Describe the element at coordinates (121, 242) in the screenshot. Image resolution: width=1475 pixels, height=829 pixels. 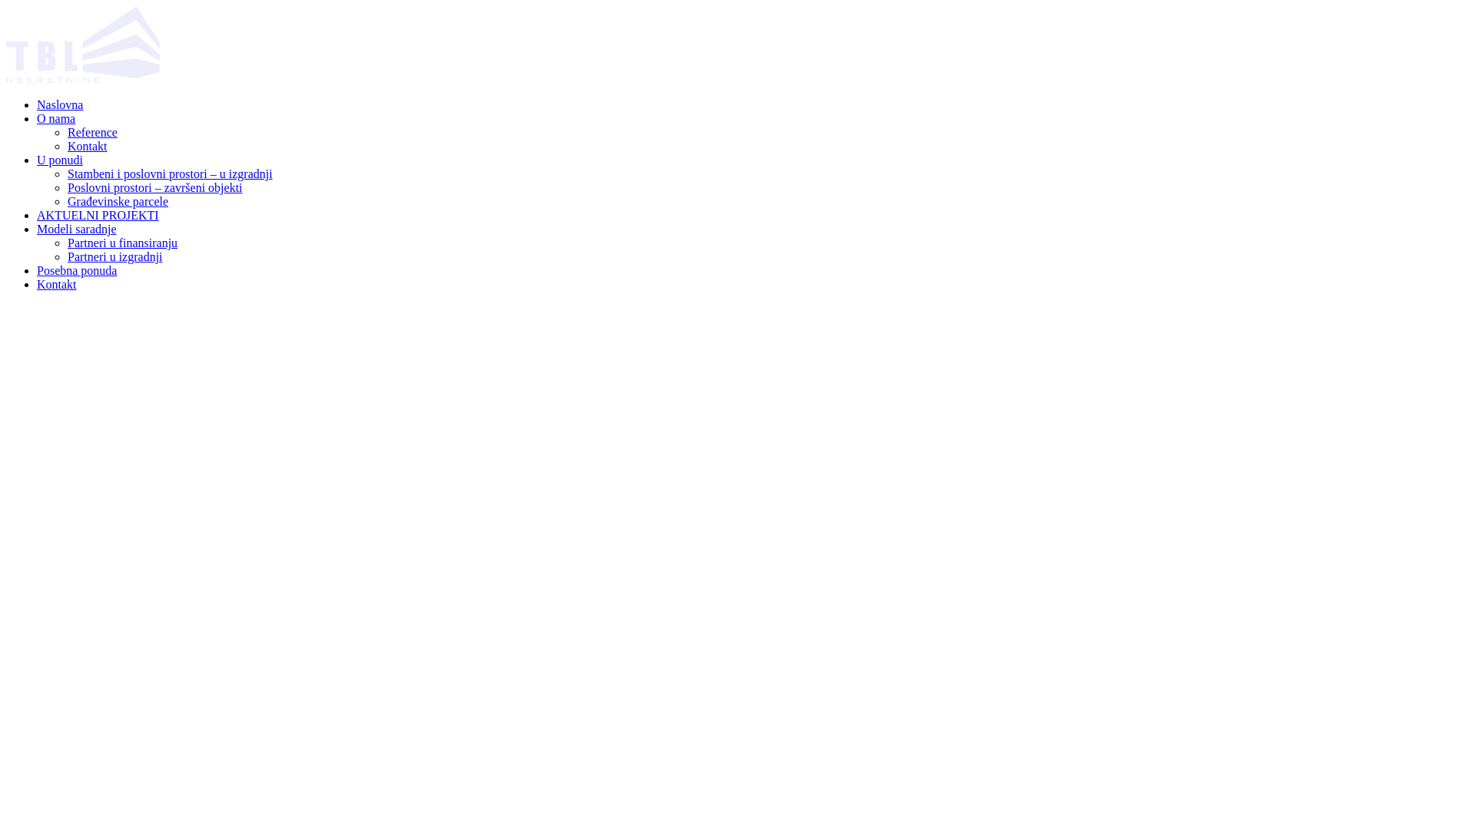
I see `'Partneri u finansiranju'` at that location.